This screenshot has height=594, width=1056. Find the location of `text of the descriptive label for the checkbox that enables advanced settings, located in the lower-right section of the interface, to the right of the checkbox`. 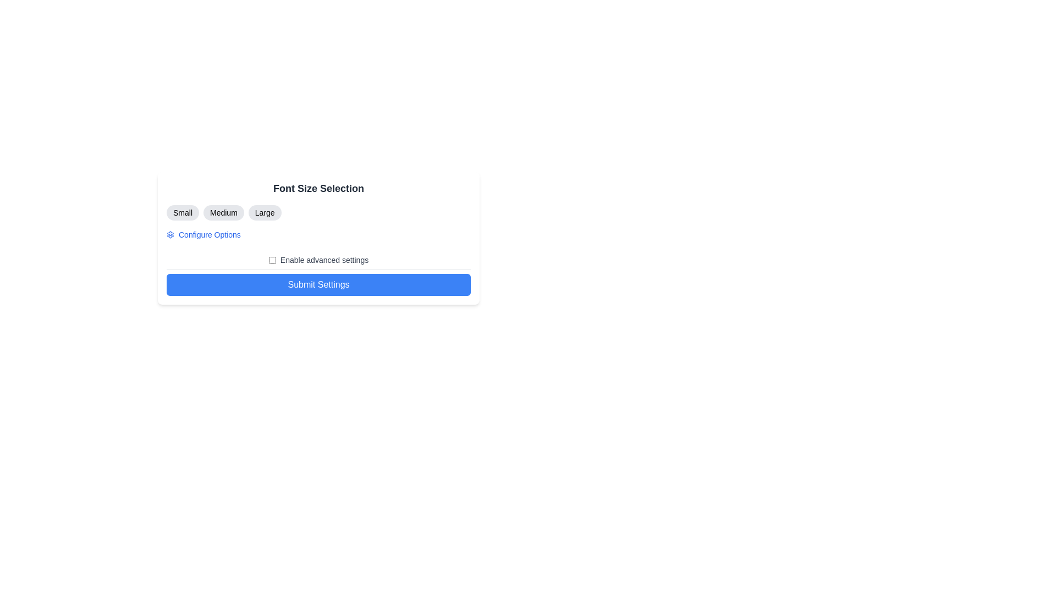

text of the descriptive label for the checkbox that enables advanced settings, located in the lower-right section of the interface, to the right of the checkbox is located at coordinates (324, 260).